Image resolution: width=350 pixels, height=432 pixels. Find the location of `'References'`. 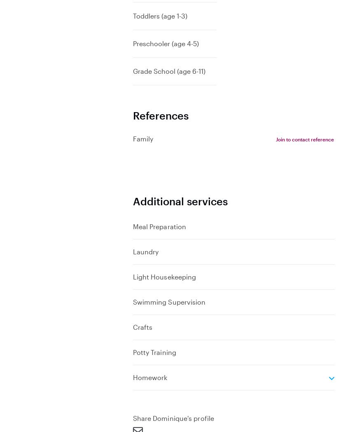

'References' is located at coordinates (132, 114).